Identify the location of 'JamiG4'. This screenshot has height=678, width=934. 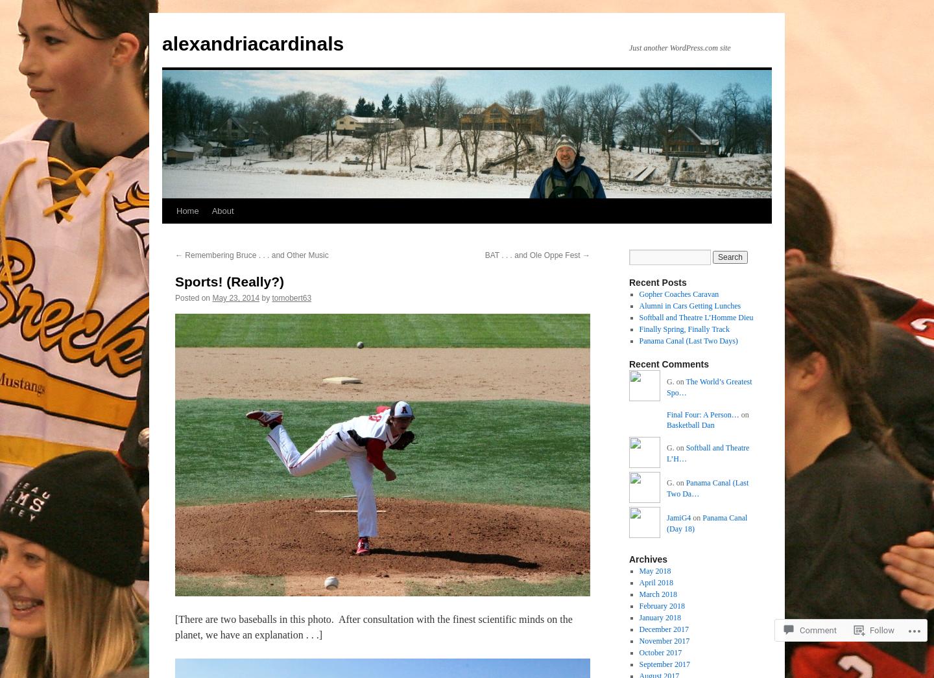
(667, 518).